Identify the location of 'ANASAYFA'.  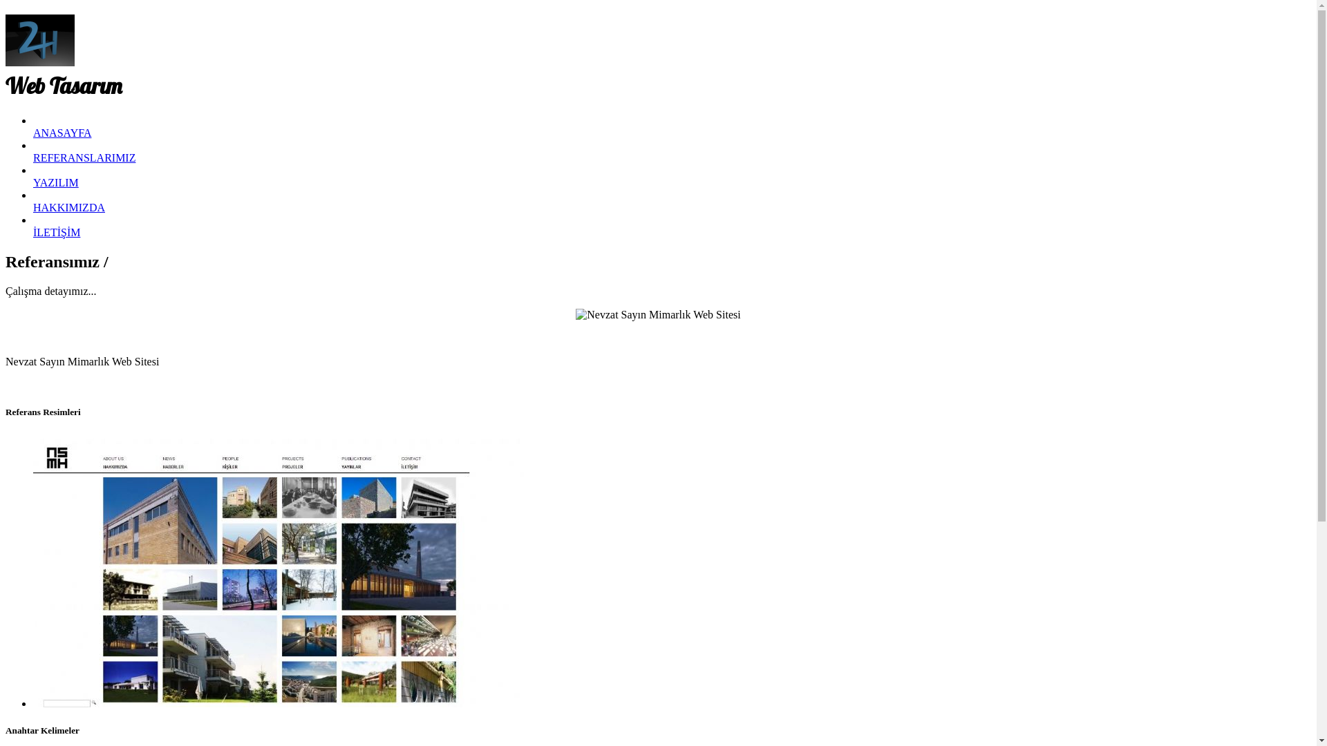
(62, 139).